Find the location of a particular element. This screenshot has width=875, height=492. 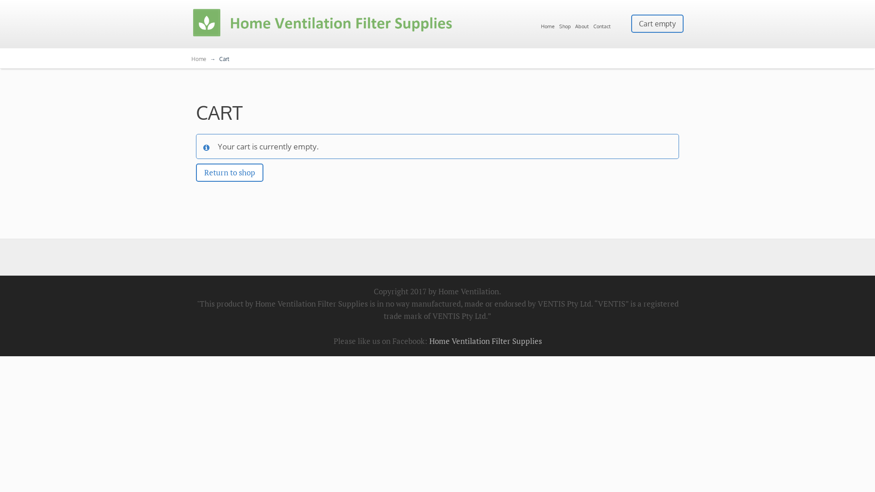

'Contact' is located at coordinates (593, 24).